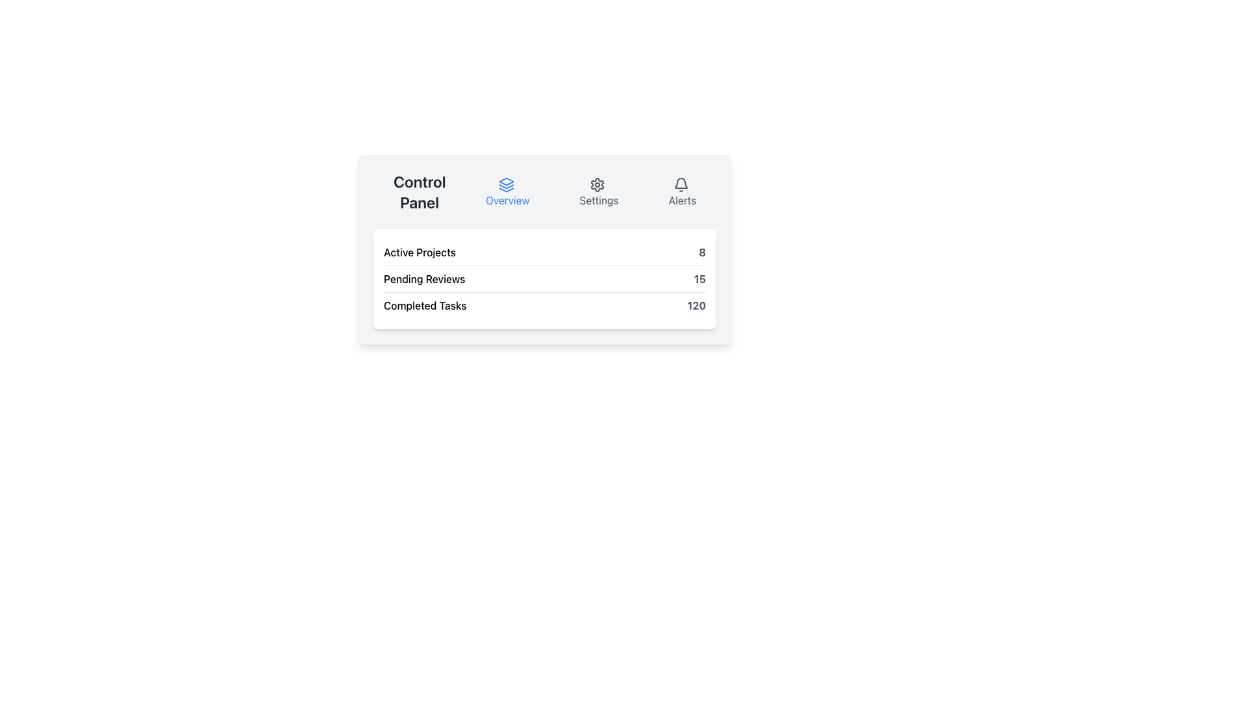  I want to click on the 'Alerts' button with a bell icon located in the horizontal navigation bar, so click(682, 191).